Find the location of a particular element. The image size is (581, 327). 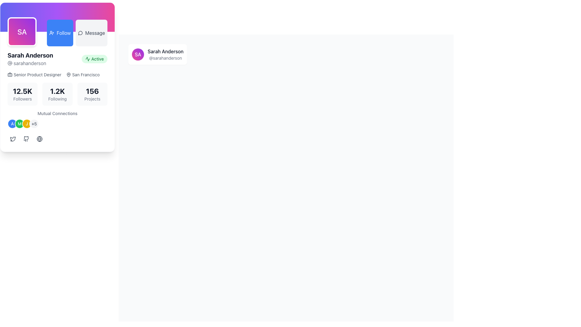

the 'Followers' text label, which is a small-sized gray text located directly below the '12.5K' numeric text is located at coordinates (22, 99).